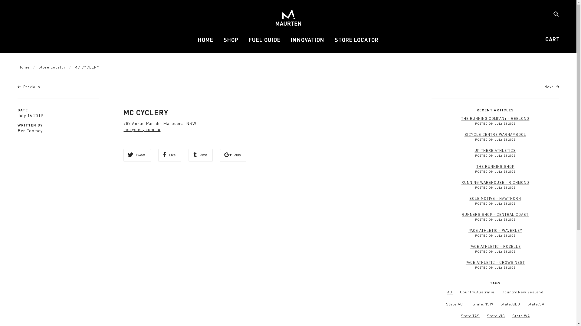  Describe the element at coordinates (24, 67) in the screenshot. I see `'Home'` at that location.